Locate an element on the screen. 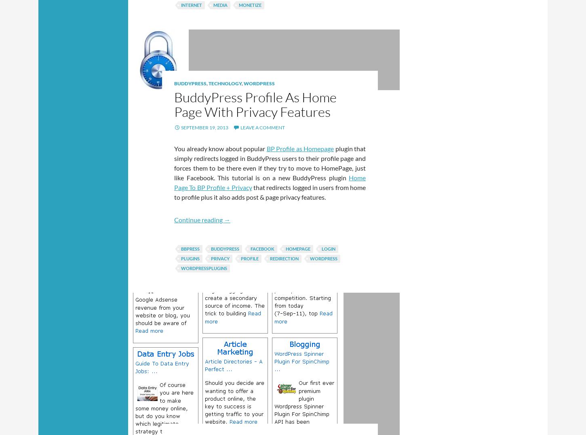 The height and width of the screenshot is (435, 586). 'Home Page To BP Profile + Privacy' is located at coordinates (173, 182).